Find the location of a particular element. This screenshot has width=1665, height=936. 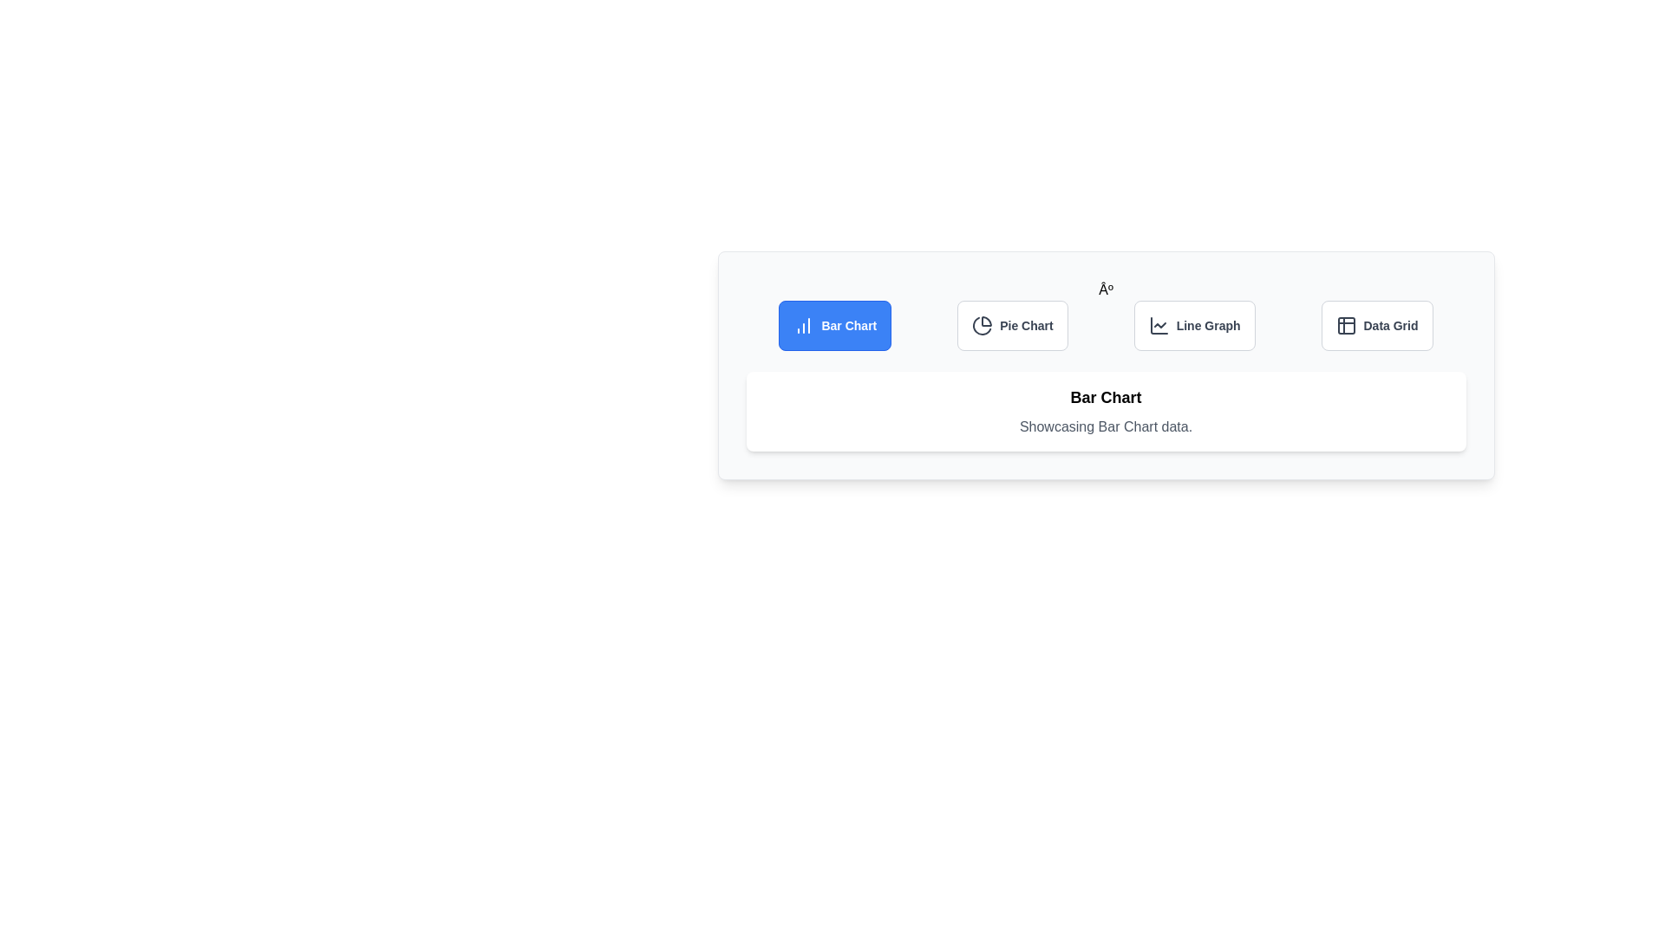

the button labeled Line Graph to observe its visual feedback is located at coordinates (1193, 325).